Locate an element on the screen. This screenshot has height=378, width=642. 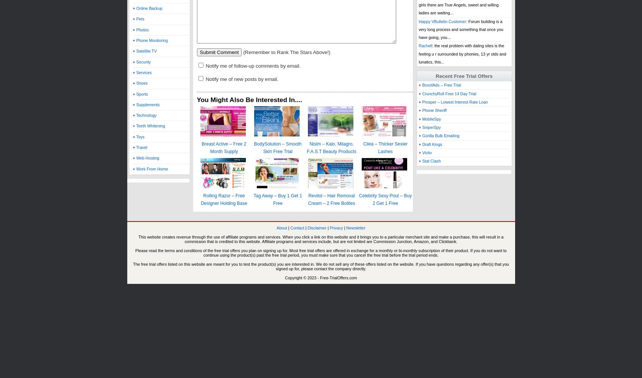
'Services' is located at coordinates (143, 72).